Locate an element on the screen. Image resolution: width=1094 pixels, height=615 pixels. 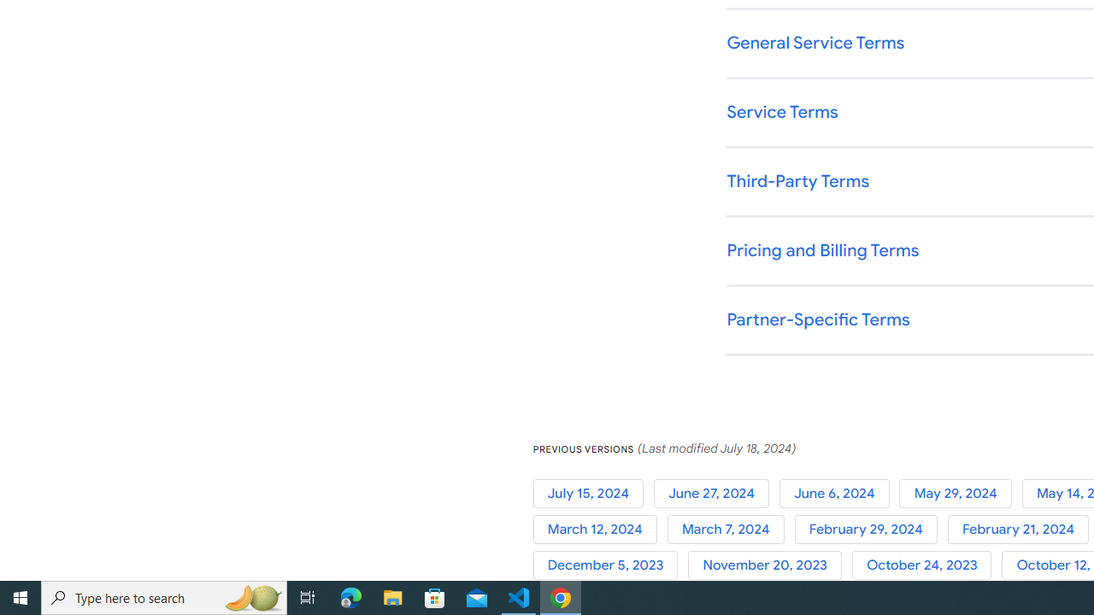
'May 29, 2024' is located at coordinates (960, 493).